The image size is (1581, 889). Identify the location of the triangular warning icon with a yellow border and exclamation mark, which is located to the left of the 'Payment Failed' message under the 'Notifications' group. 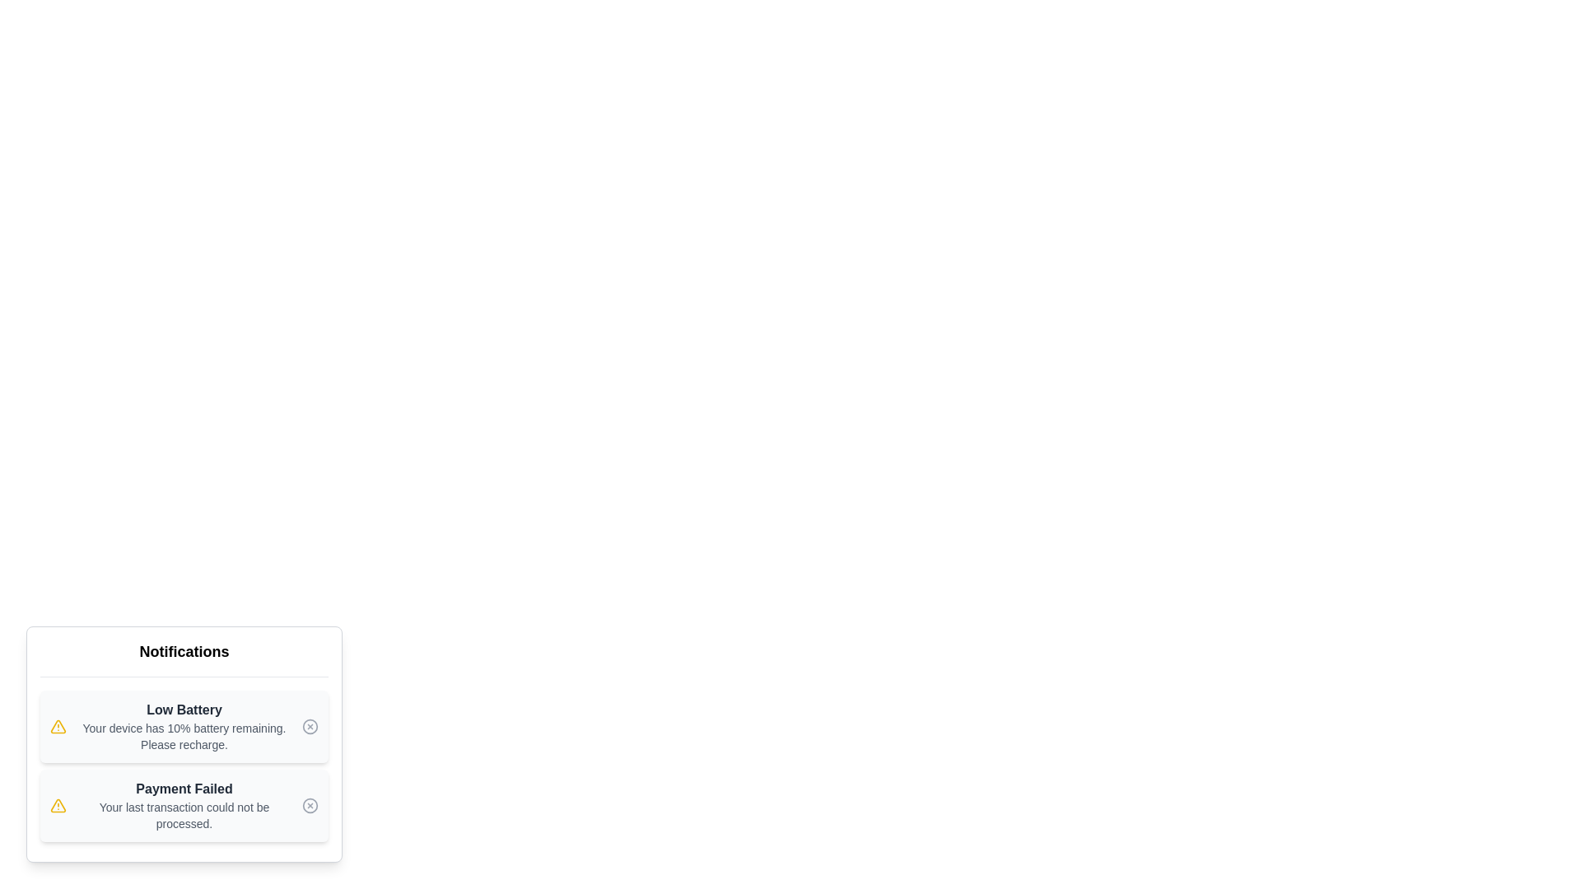
(58, 805).